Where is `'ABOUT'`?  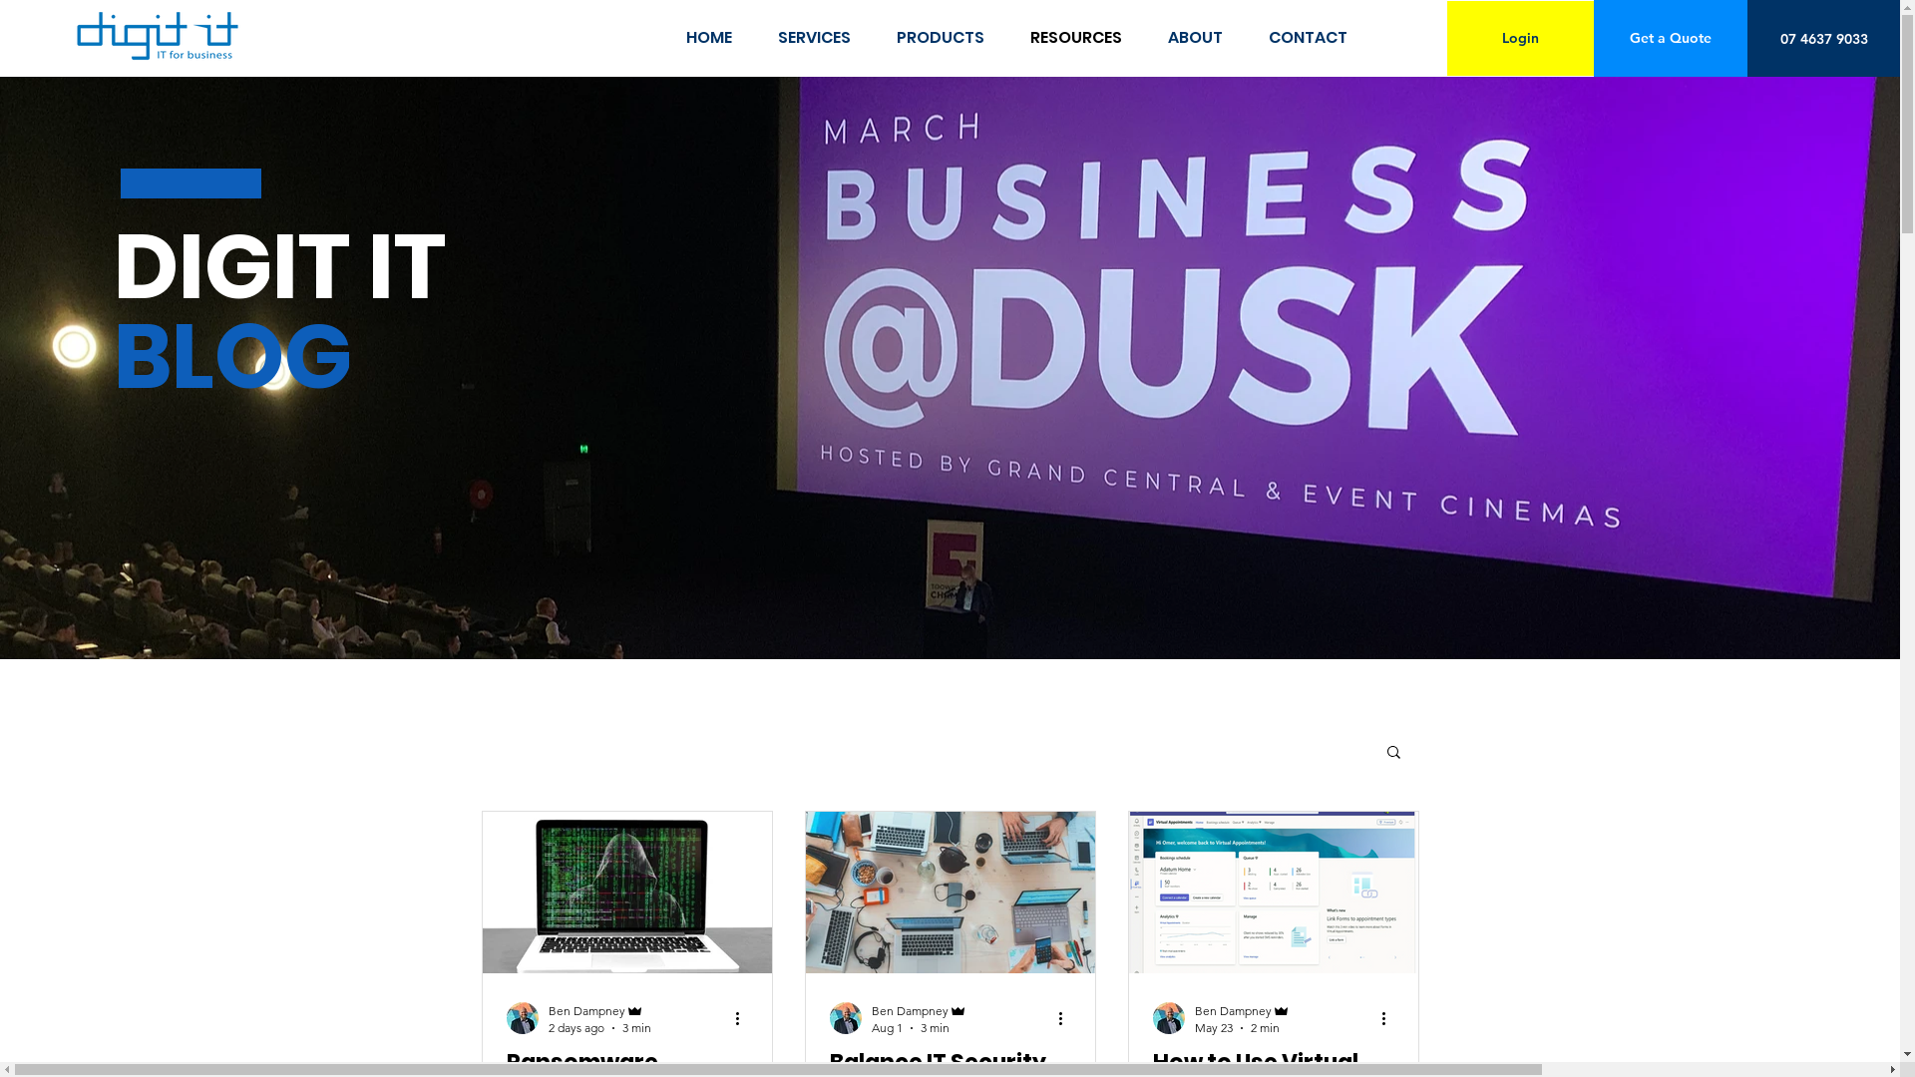 'ABOUT' is located at coordinates (1195, 38).